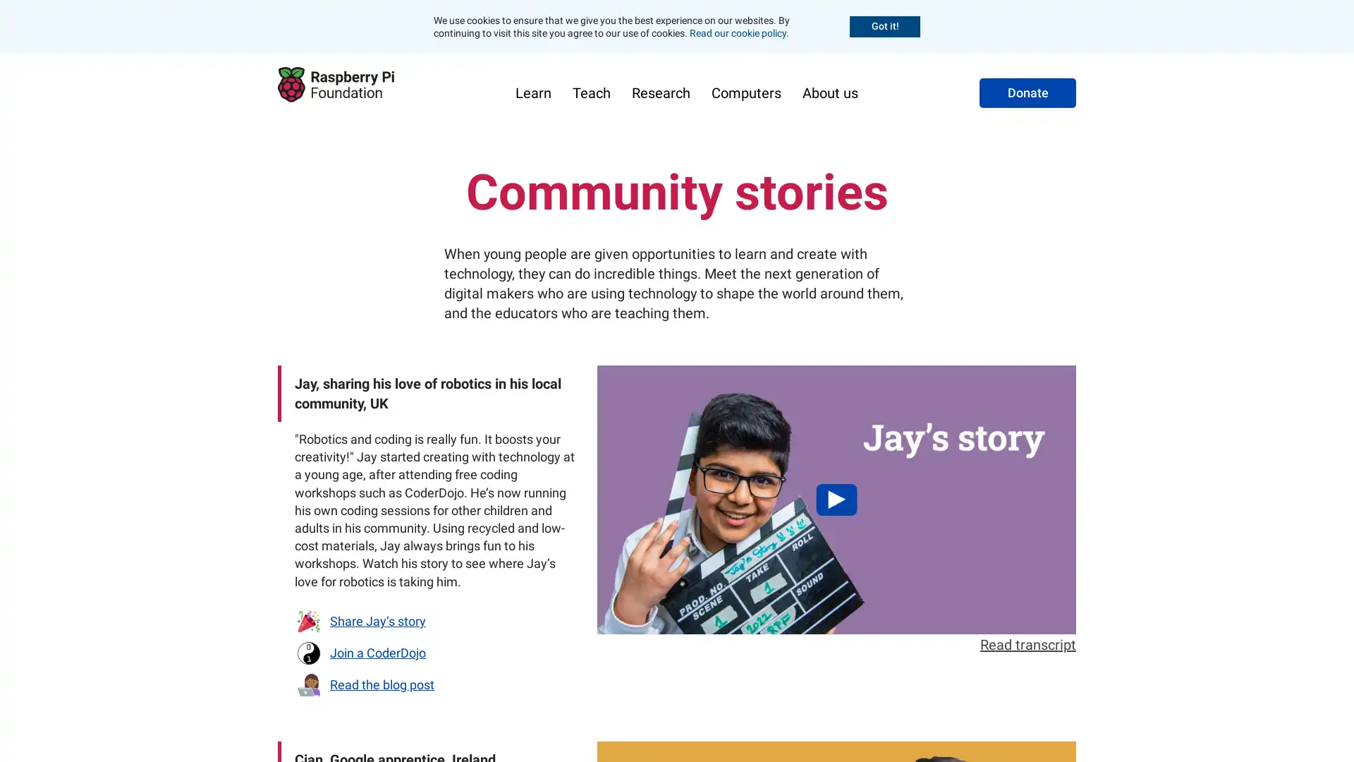  Describe the element at coordinates (360, 619) in the screenshot. I see `Share Jays story` at that location.